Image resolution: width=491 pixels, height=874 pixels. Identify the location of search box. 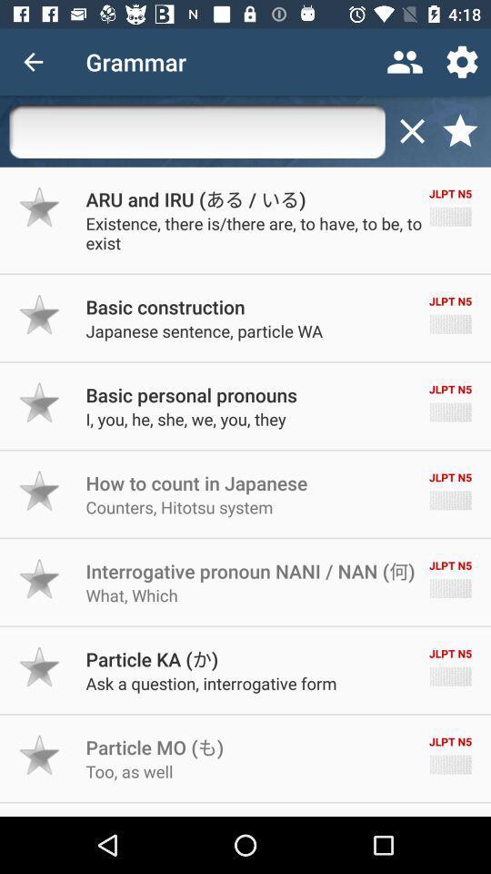
(196, 130).